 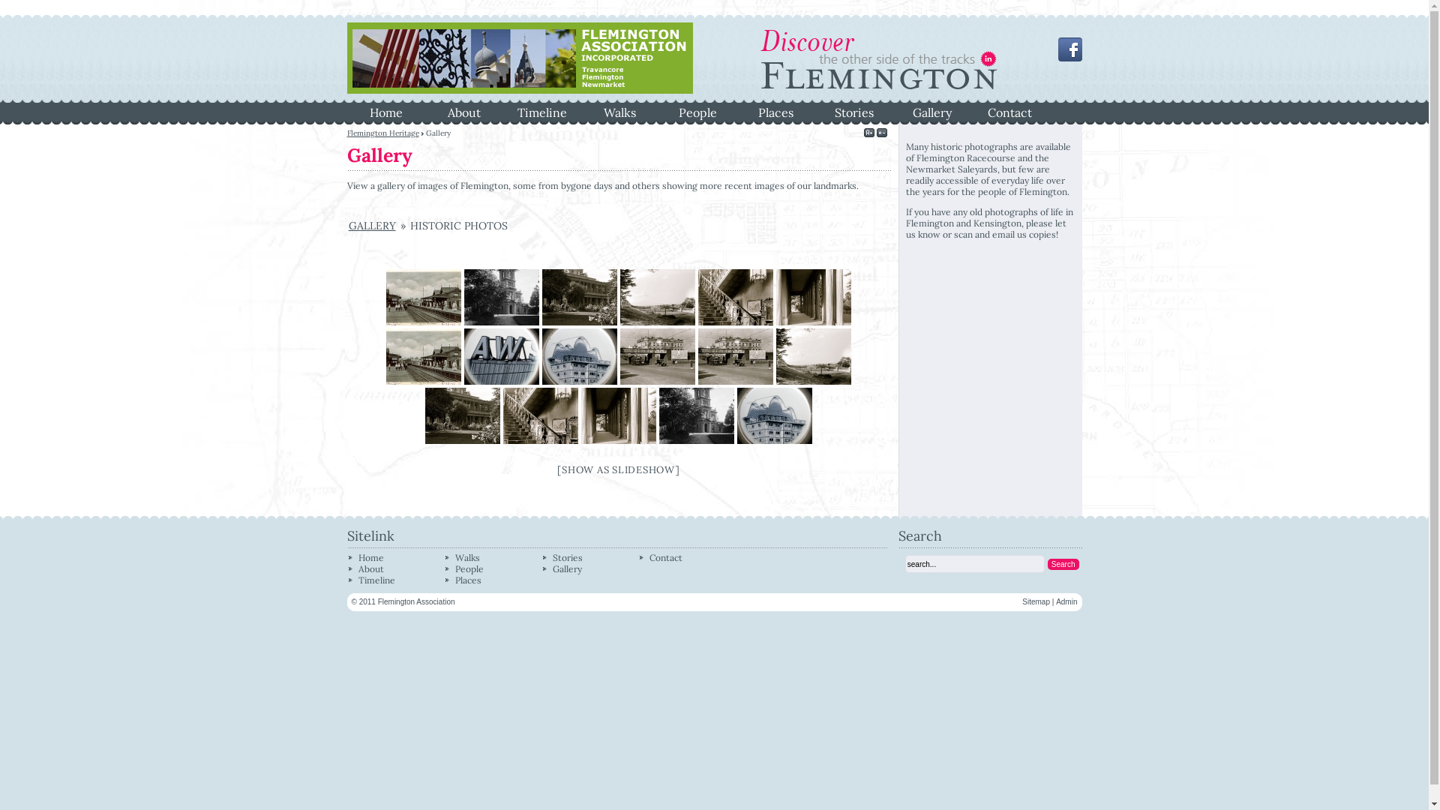 What do you see at coordinates (1035, 601) in the screenshot?
I see `'Sitemap'` at bounding box center [1035, 601].